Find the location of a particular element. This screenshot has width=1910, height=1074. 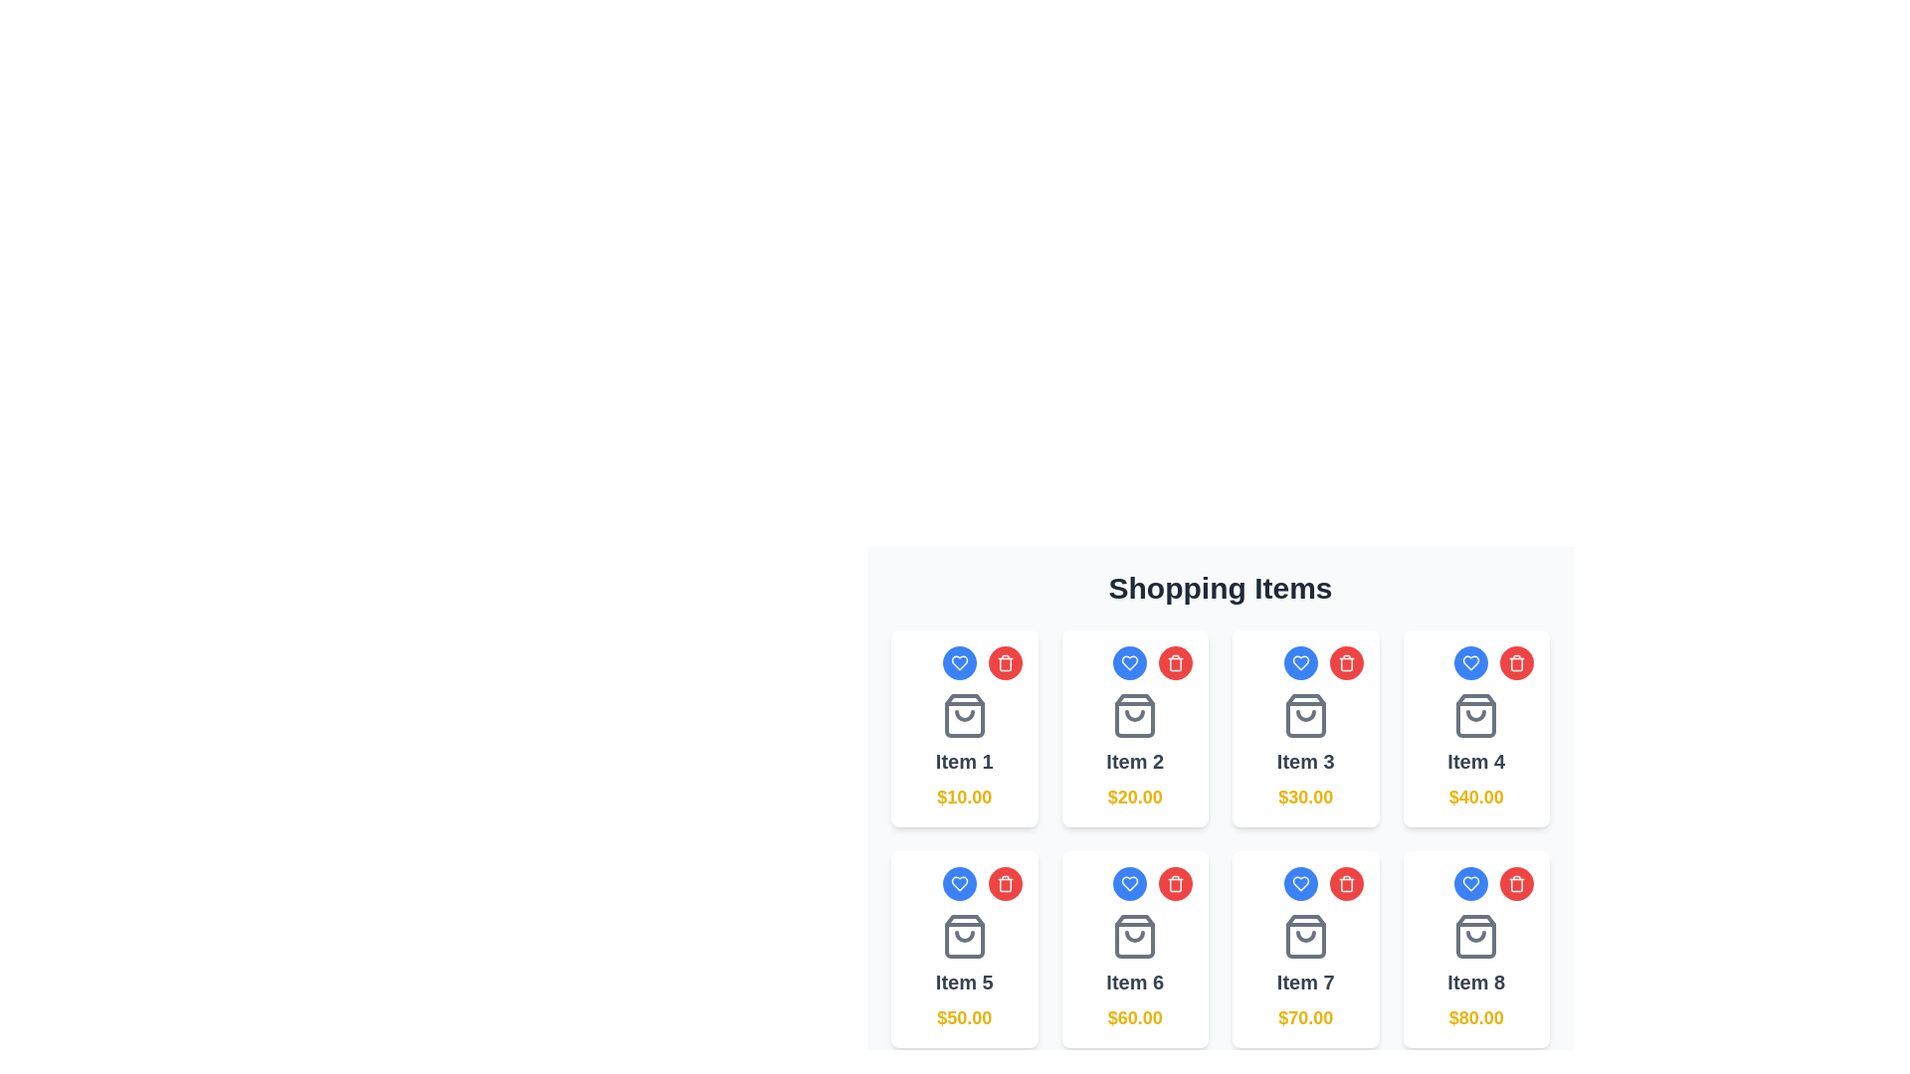

the circular blue button with a white heart outline located is located at coordinates (1130, 882).